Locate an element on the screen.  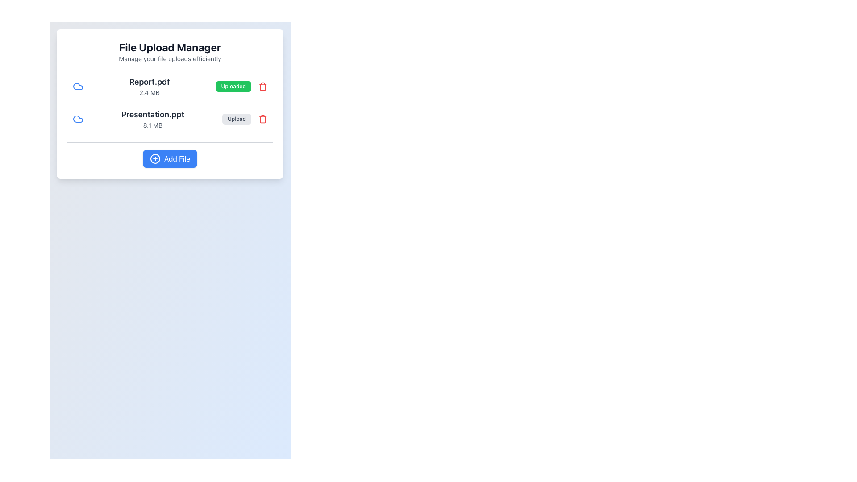
the text label that indicates the file size of 'Presentation.ppt', positioned directly below its sibling text element is located at coordinates (153, 125).